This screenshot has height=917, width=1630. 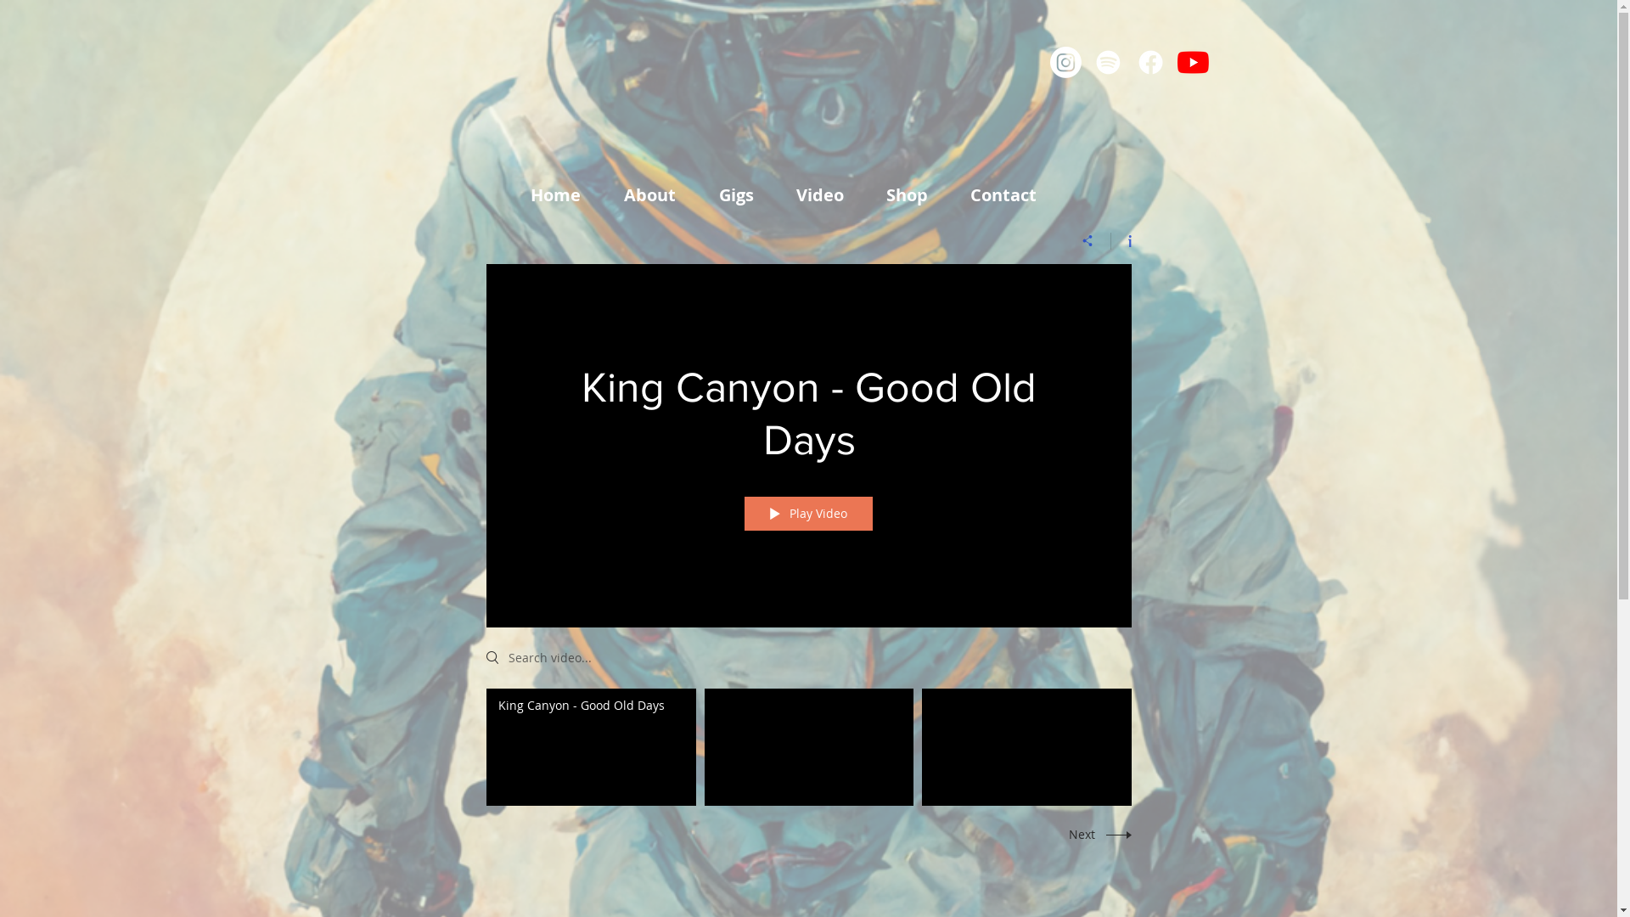 I want to click on 'Play Video', so click(x=807, y=513).